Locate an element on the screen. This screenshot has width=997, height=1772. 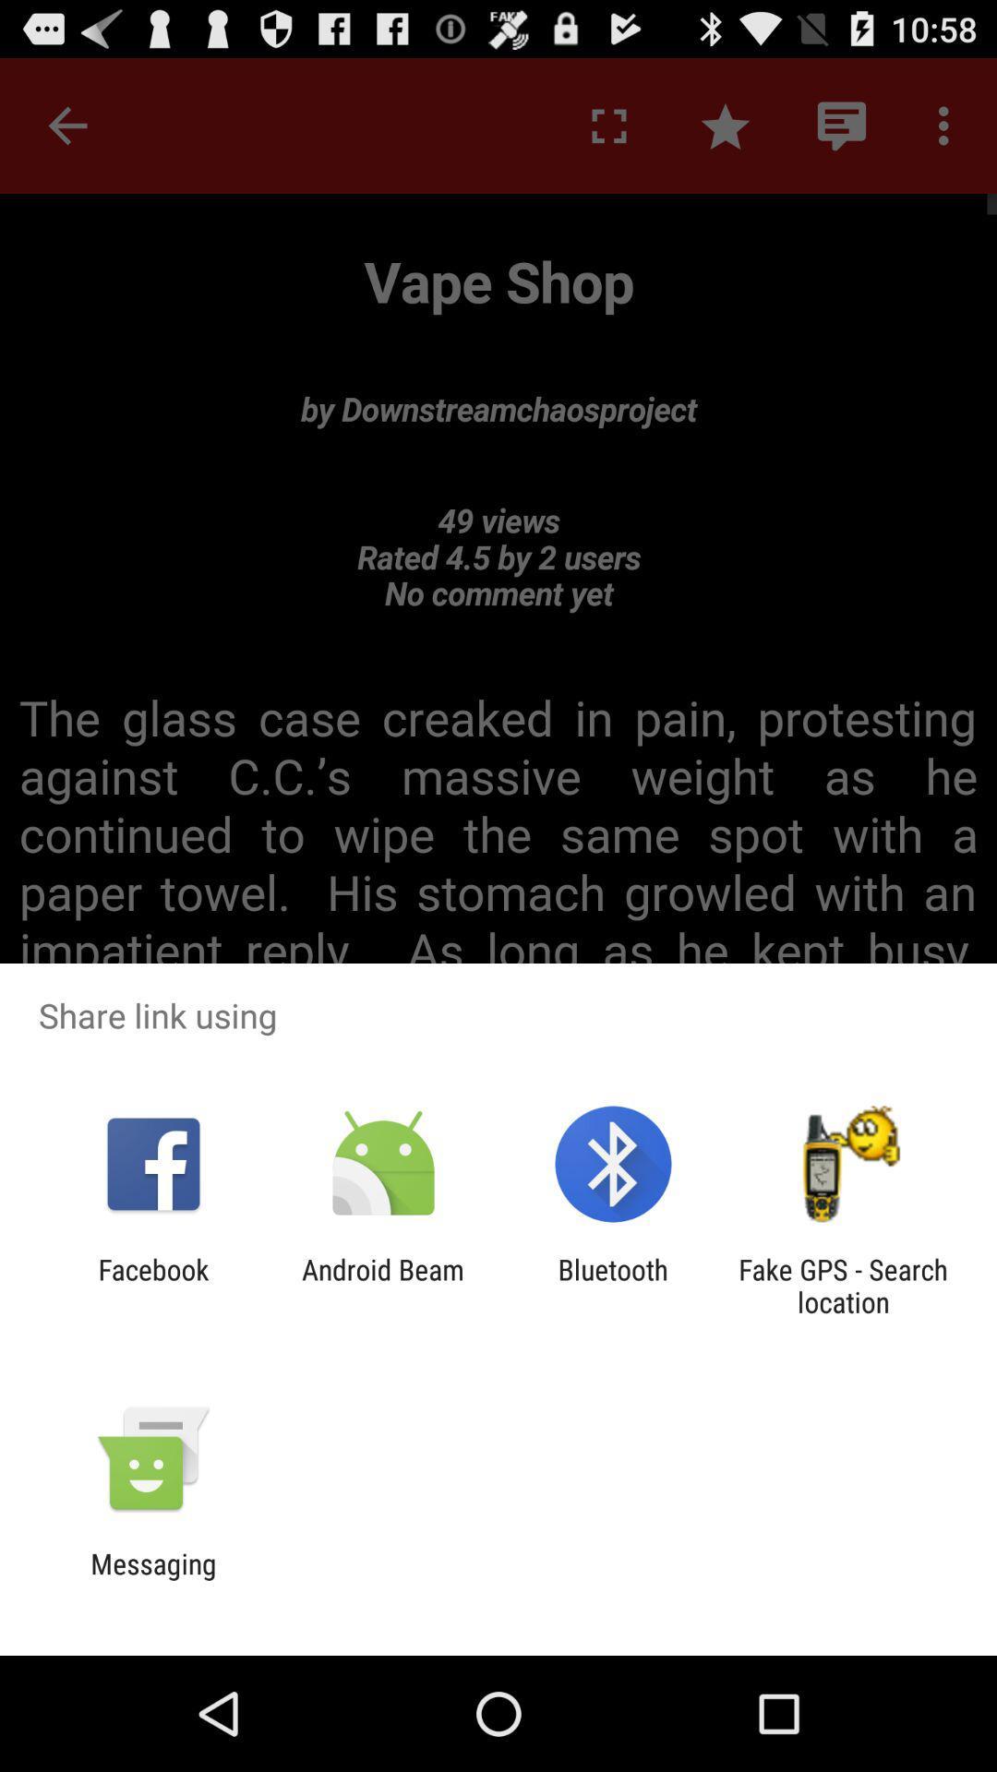
the facebook item is located at coordinates (152, 1285).